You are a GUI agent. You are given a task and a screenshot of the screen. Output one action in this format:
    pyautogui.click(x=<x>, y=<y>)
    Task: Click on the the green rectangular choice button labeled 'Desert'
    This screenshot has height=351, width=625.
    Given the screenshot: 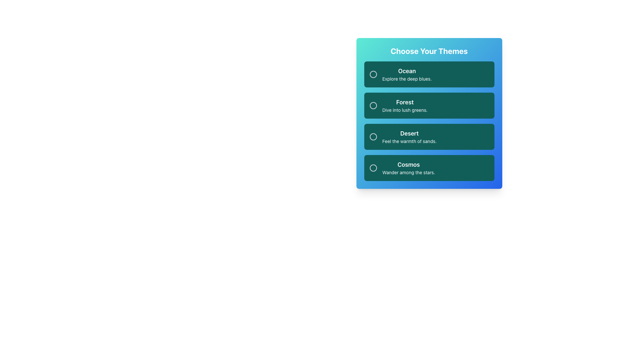 What is the action you would take?
    pyautogui.click(x=409, y=141)
    